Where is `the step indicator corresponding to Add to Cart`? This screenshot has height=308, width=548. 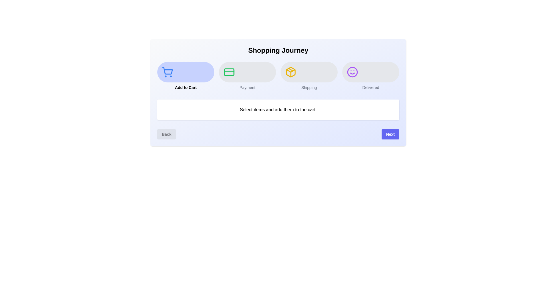 the step indicator corresponding to Add to Cart is located at coordinates (186, 76).